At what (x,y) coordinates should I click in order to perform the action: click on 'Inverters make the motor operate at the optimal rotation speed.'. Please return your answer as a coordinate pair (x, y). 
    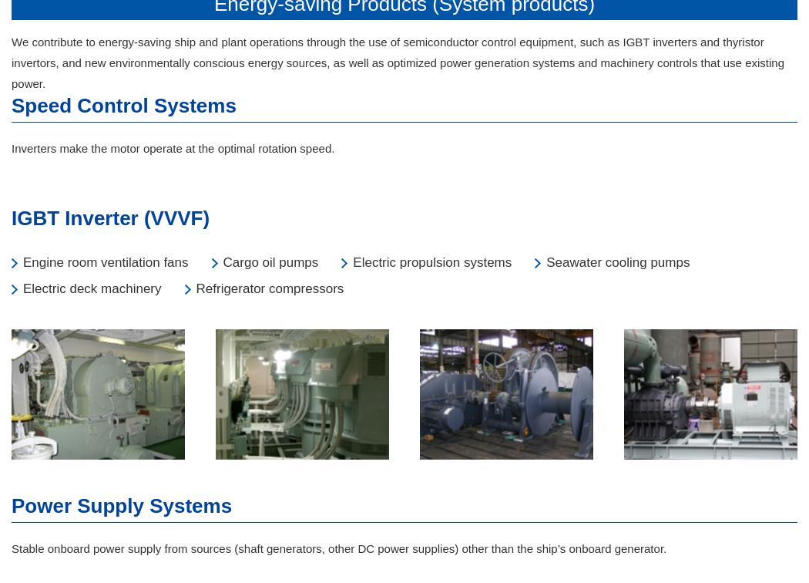
    Looking at the image, I should click on (172, 148).